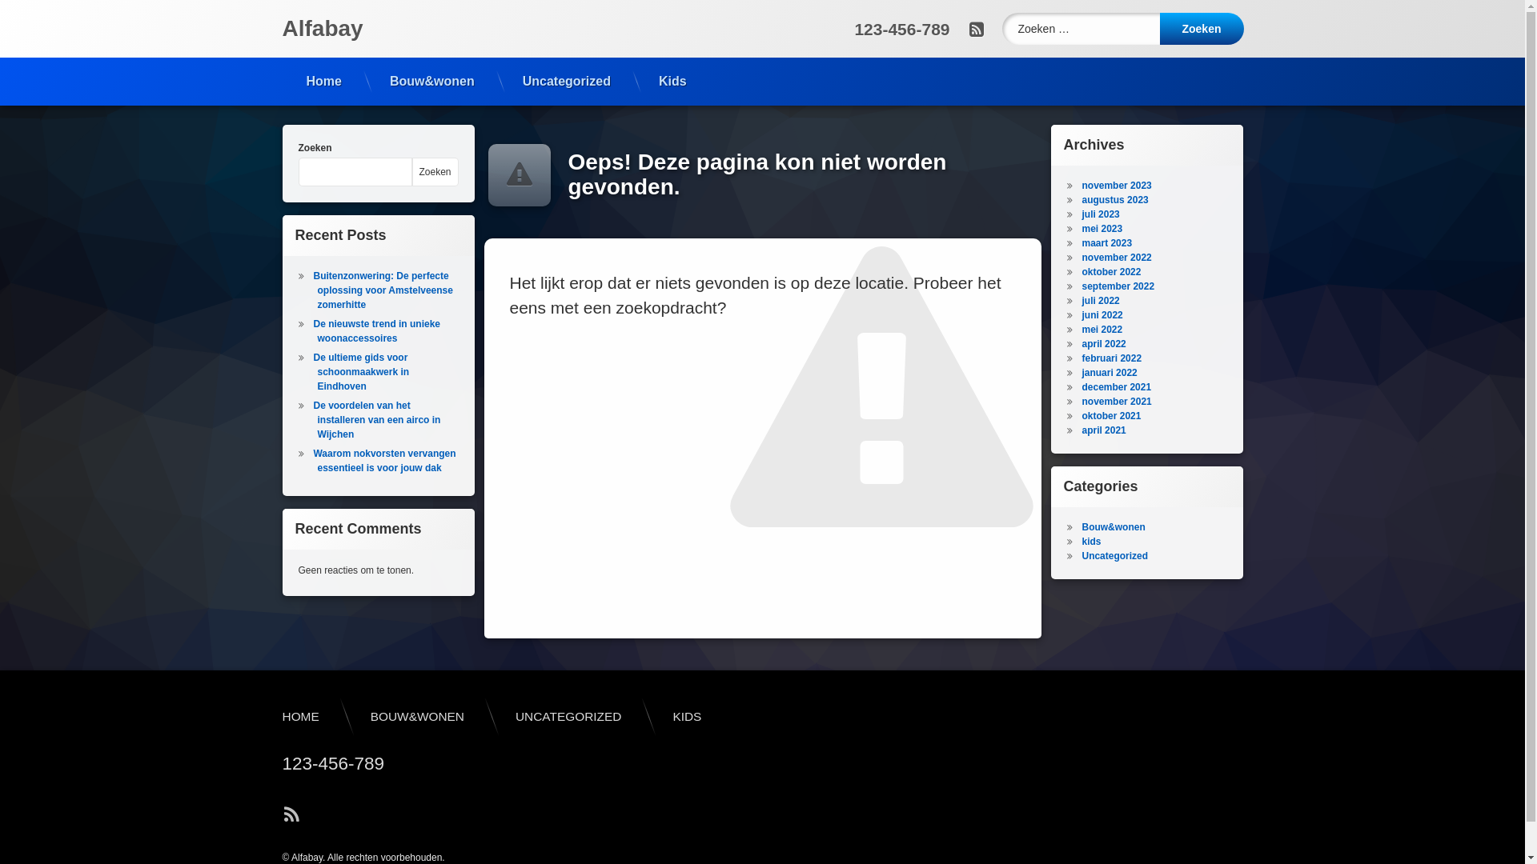 Image resolution: width=1537 pixels, height=864 pixels. What do you see at coordinates (687, 715) in the screenshot?
I see `'KIDS'` at bounding box center [687, 715].